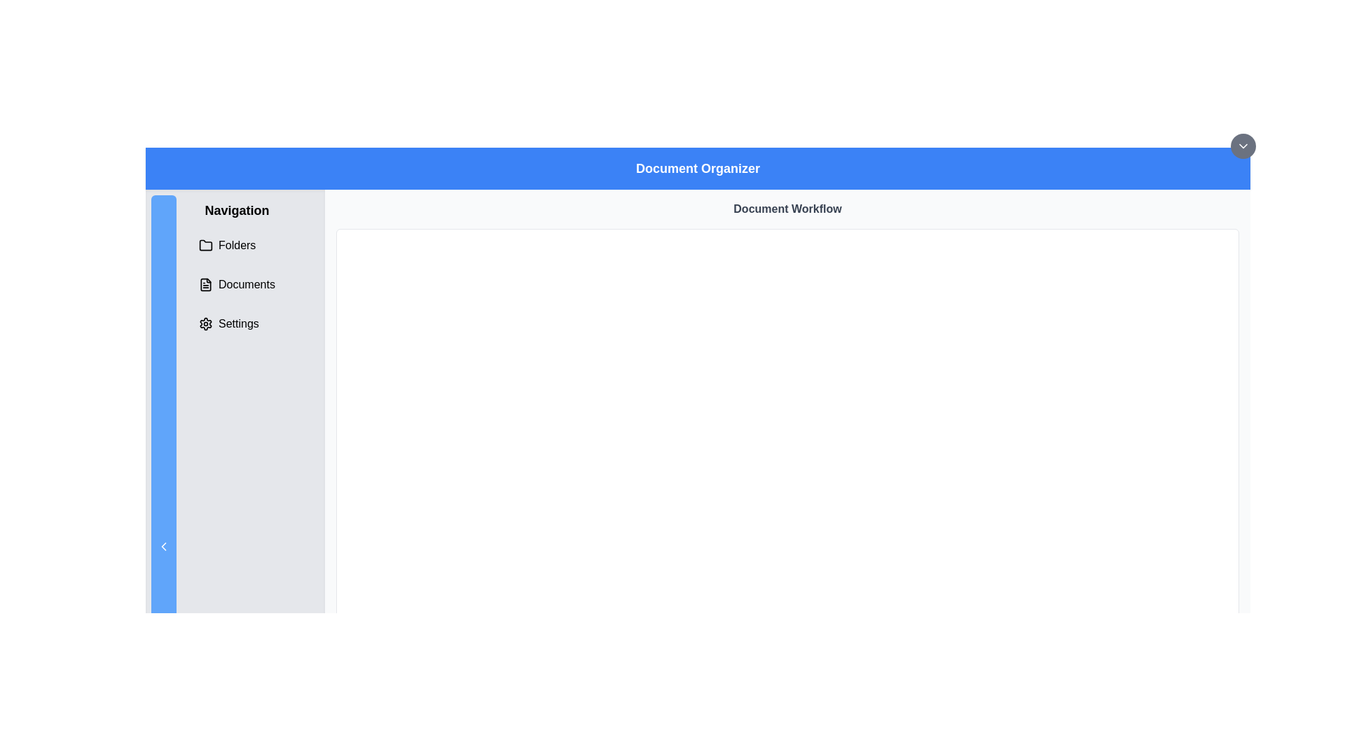  I want to click on the second item in the vertical navigation list, which directs to the 'Documents' section, so click(237, 284).